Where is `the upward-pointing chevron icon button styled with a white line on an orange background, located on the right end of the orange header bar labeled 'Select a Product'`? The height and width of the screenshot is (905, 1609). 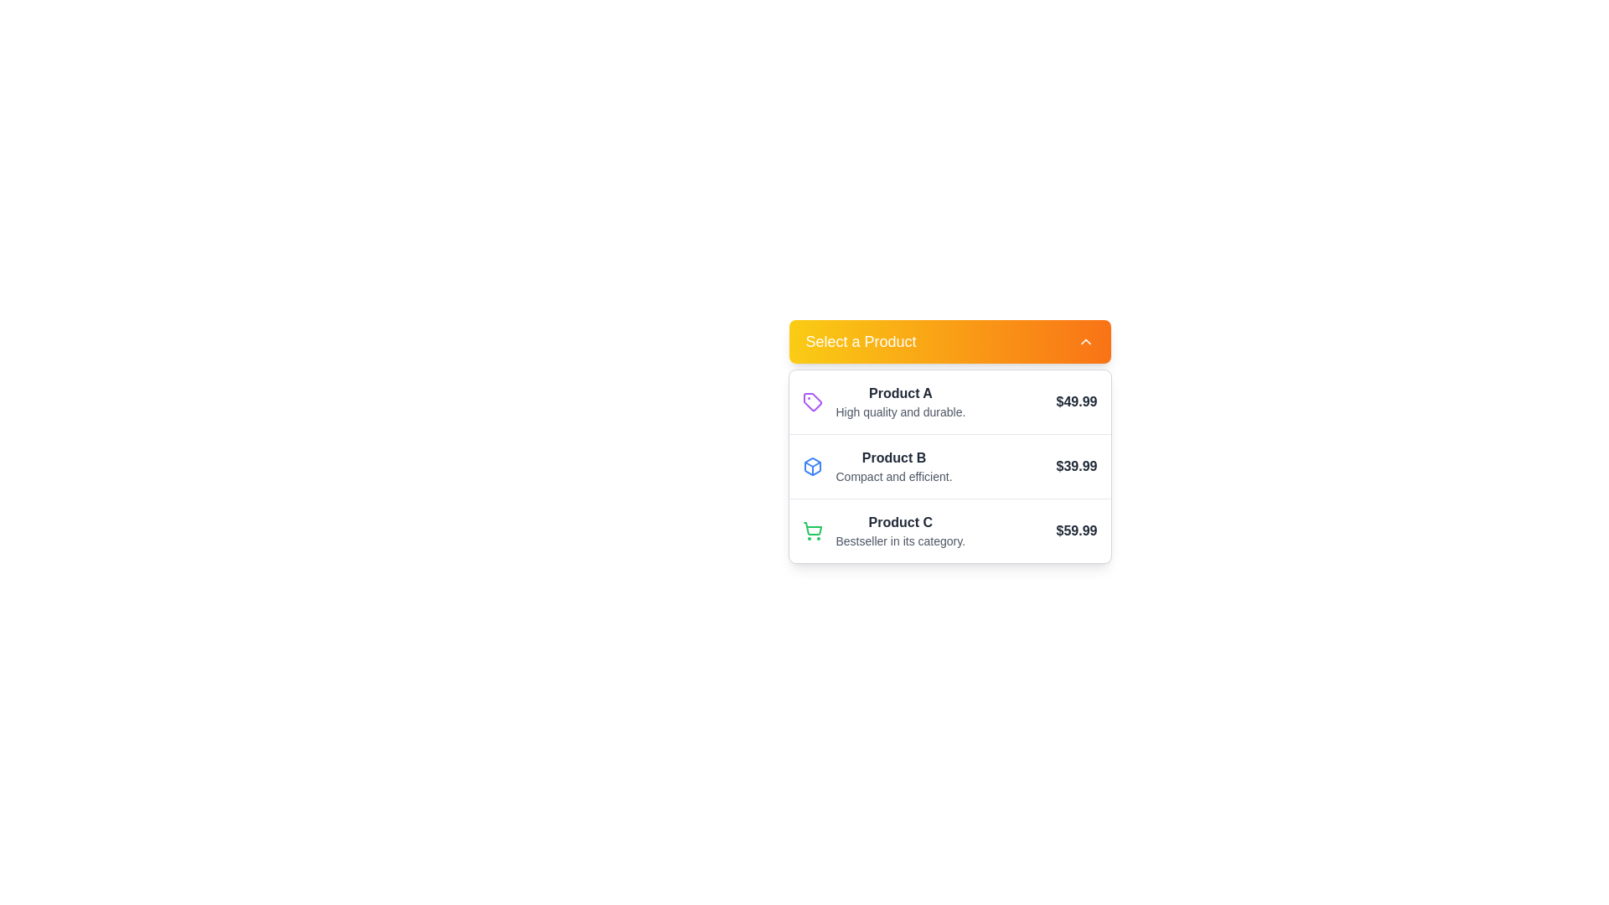 the upward-pointing chevron icon button styled with a white line on an orange background, located on the right end of the orange header bar labeled 'Select a Product' is located at coordinates (1085, 341).